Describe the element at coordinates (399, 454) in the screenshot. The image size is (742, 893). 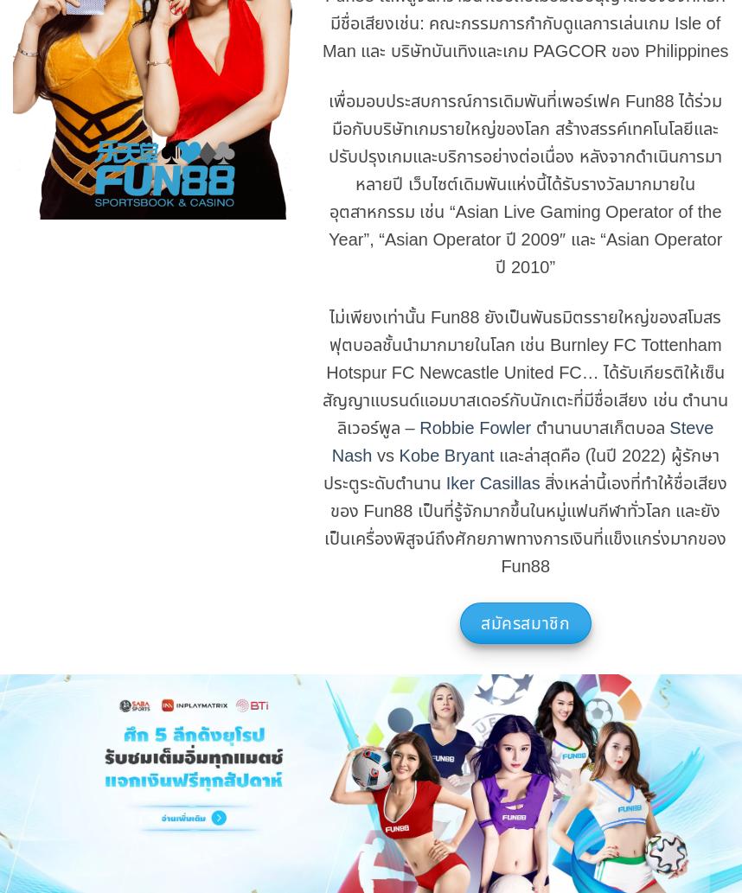
I see `'Kobe Bryant'` at that location.